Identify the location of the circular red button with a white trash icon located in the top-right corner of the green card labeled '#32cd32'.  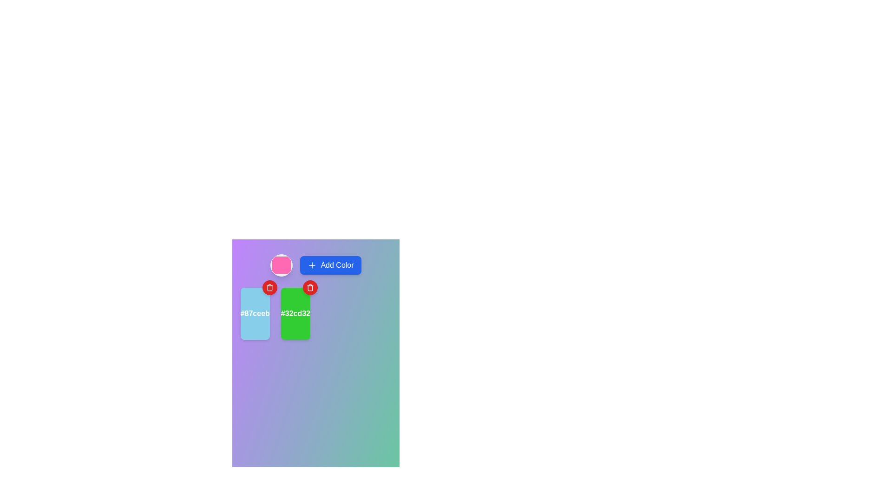
(310, 287).